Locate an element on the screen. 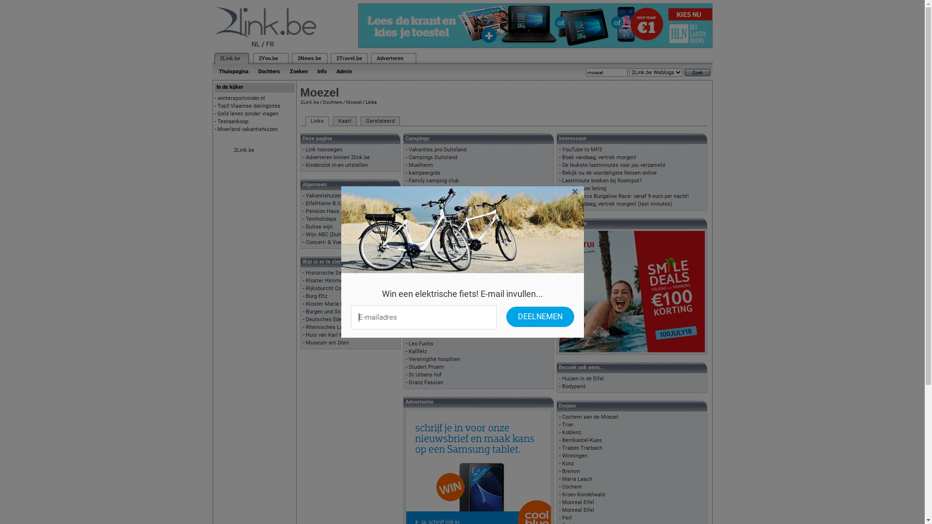 The height and width of the screenshot is (524, 932). 'YouTube to MP3' is located at coordinates (562, 149).